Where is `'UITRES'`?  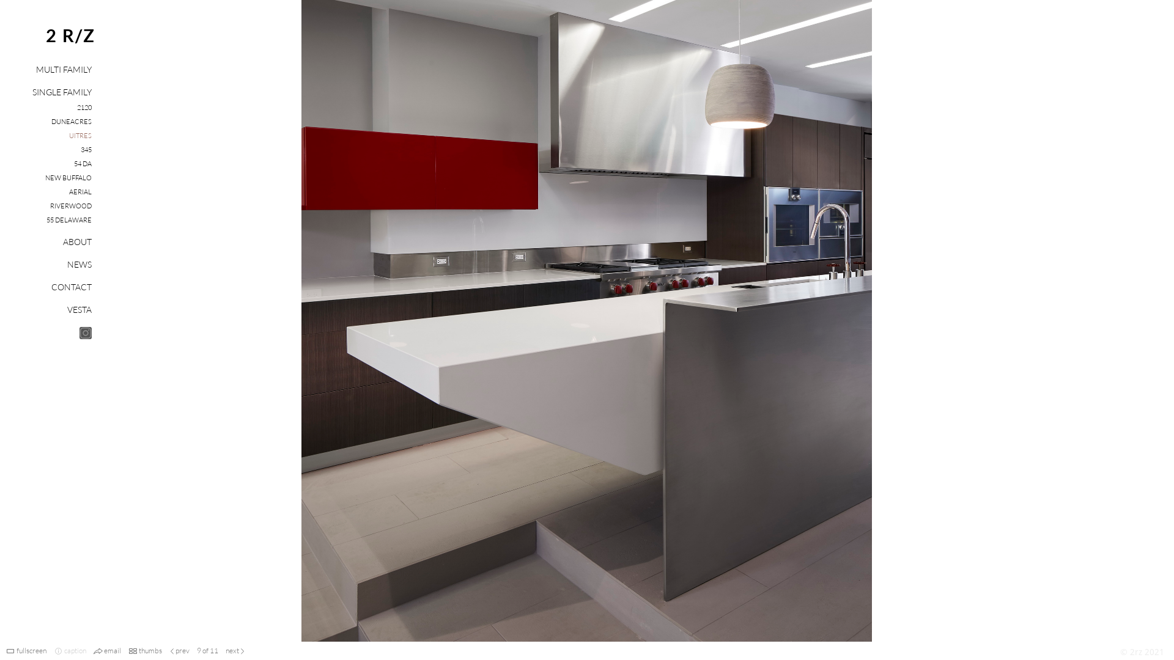
'UITRES' is located at coordinates (68, 136).